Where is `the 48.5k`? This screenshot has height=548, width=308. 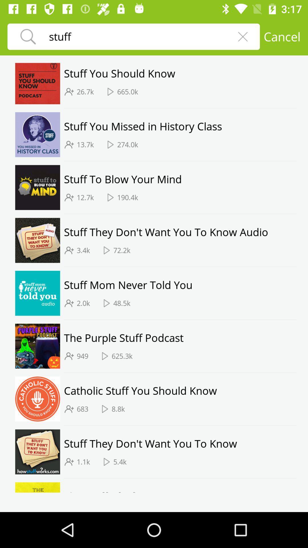 the 48.5k is located at coordinates (121, 303).